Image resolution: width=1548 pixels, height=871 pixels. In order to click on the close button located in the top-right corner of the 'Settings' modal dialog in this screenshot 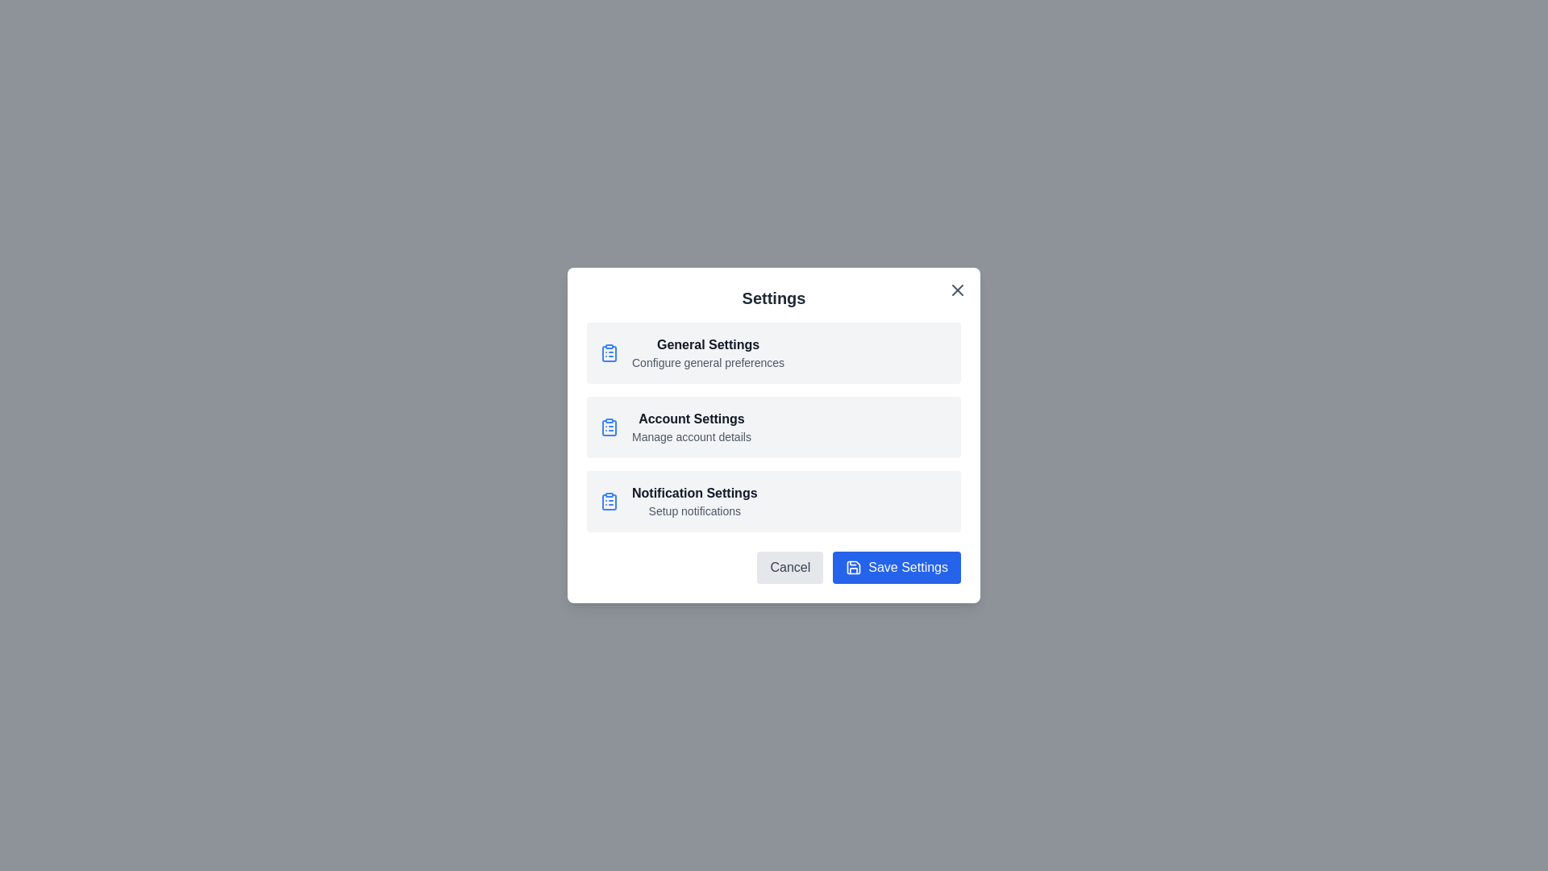, I will do `click(958, 289)`.